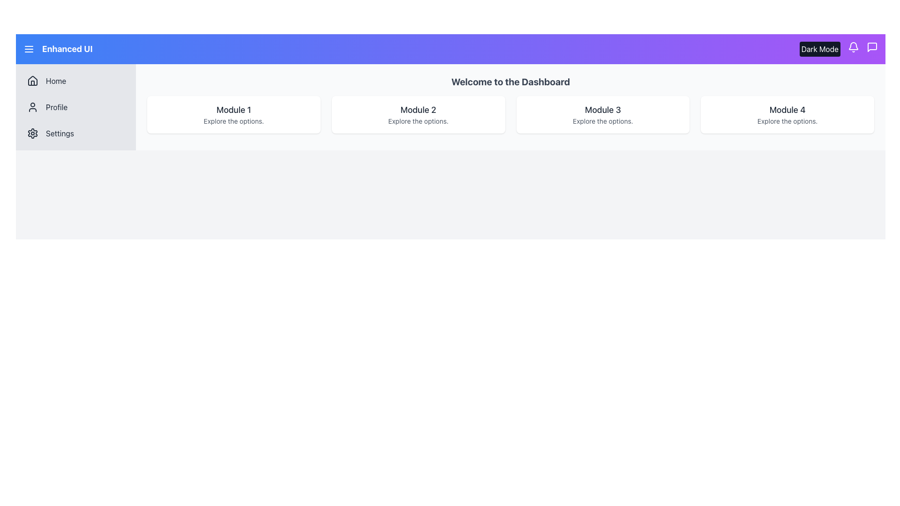 This screenshot has height=506, width=900. I want to click on the navigation link text label located in the left navigation bar, which allows access to the home page of the application, so click(55, 81).